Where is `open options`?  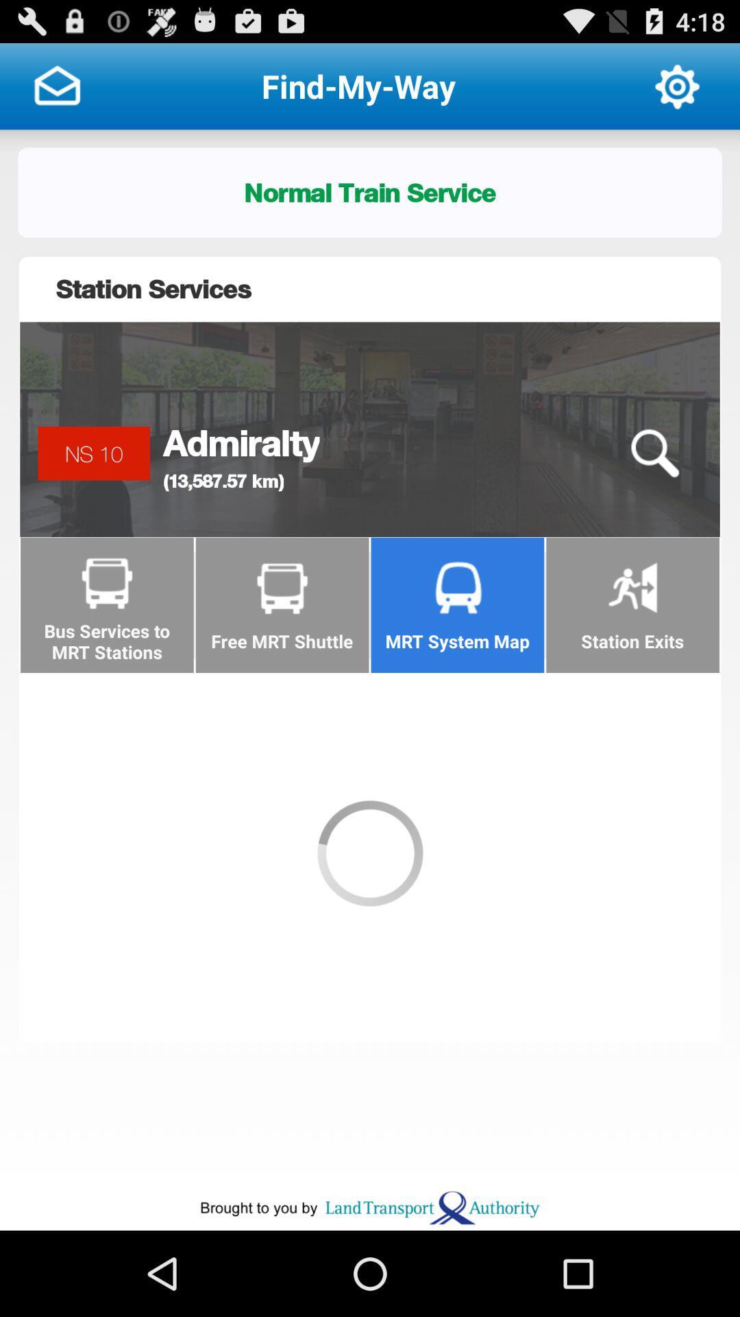 open options is located at coordinates (676, 85).